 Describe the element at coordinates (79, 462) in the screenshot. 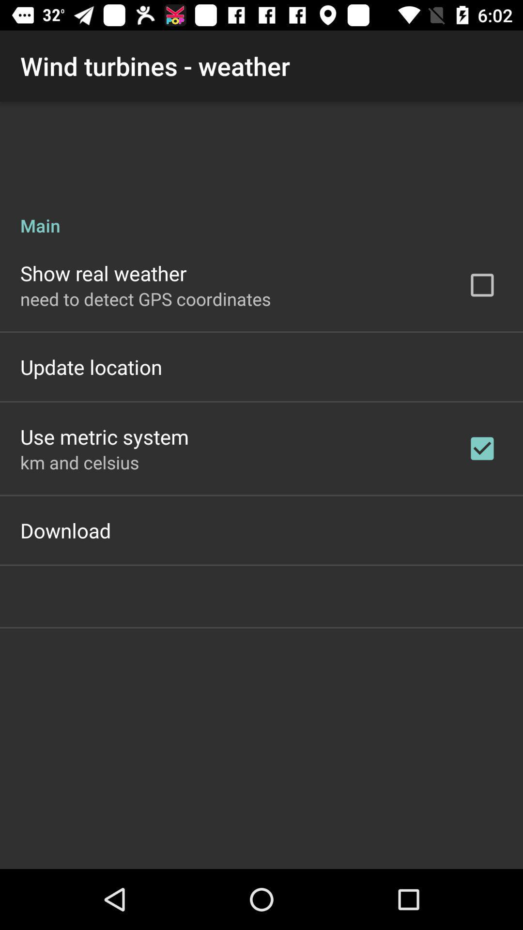

I see `the icon below use metric system` at that location.